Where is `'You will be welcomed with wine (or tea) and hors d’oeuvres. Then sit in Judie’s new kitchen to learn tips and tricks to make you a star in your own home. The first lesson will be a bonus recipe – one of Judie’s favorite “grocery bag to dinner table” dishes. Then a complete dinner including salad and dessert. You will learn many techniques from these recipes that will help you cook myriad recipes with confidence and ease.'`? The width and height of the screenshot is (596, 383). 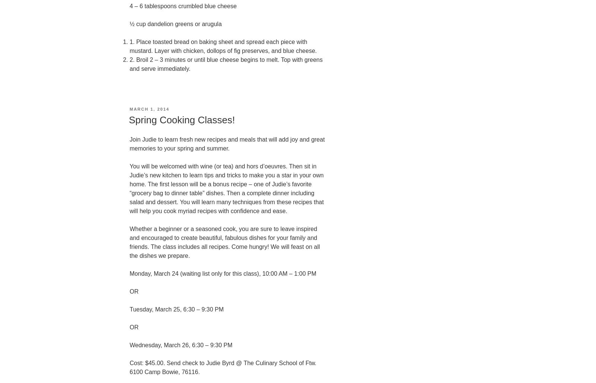 'You will be welcomed with wine (or tea) and hors d’oeuvres. Then sit in Judie’s new kitchen to learn tips and tricks to make you a star in your own home. The first lesson will be a bonus recipe – one of Judie’s favorite “grocery bag to dinner table” dishes. Then a complete dinner including salad and dessert. You will learn many techniques from these recipes that will help you cook myriad recipes with confidence and ease.' is located at coordinates (226, 188).